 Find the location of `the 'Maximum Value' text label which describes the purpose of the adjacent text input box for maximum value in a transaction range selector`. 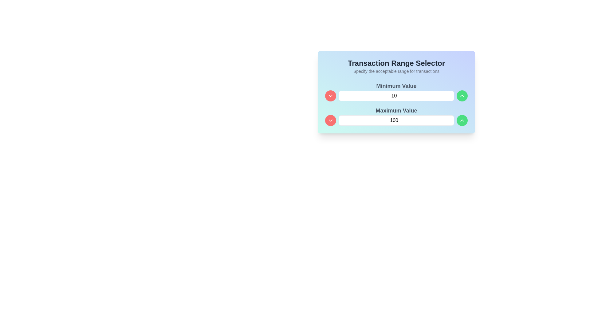

the 'Maximum Value' text label which describes the purpose of the adjacent text input box for maximum value in a transaction range selector is located at coordinates (396, 110).